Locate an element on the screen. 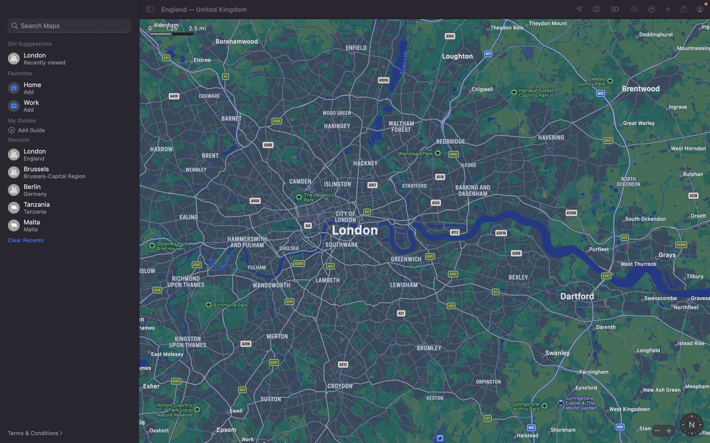  map"s zoom level is located at coordinates (656, 430).